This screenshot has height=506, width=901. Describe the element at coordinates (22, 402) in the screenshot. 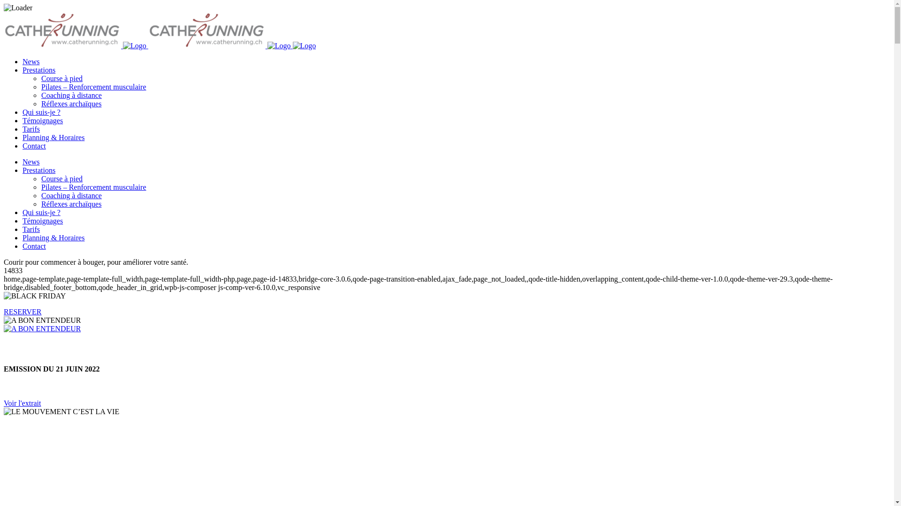

I see `'Voir l'extrait'` at that location.